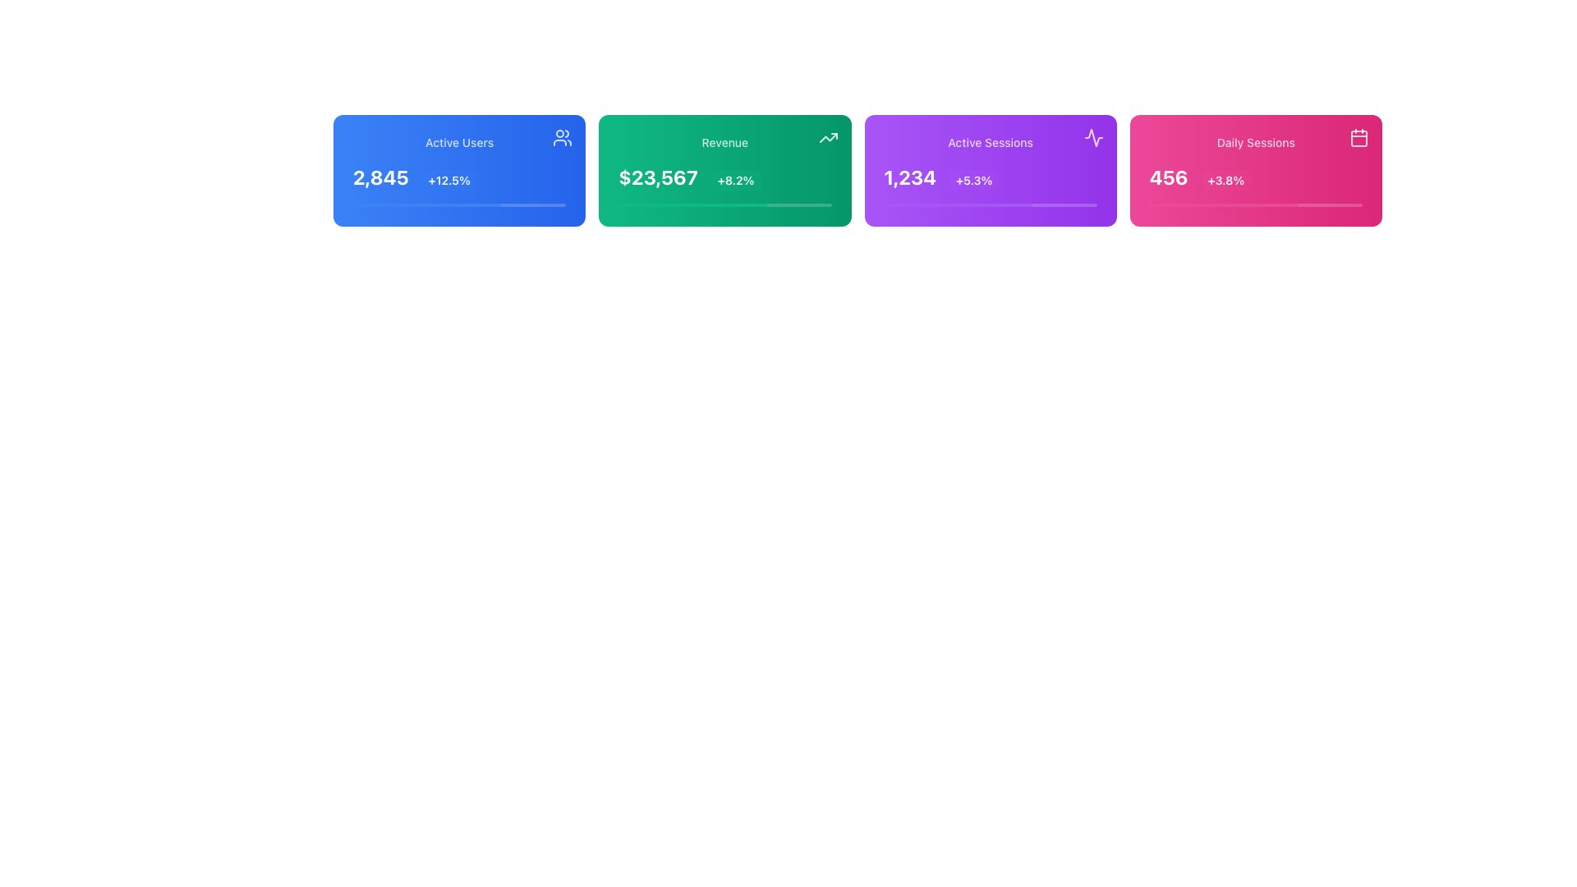  What do you see at coordinates (1359, 138) in the screenshot?
I see `the small rectangular shape with rounded corners within the calendar icon located at the top right corner of the pink card titled 'Daily Sessions'` at bounding box center [1359, 138].